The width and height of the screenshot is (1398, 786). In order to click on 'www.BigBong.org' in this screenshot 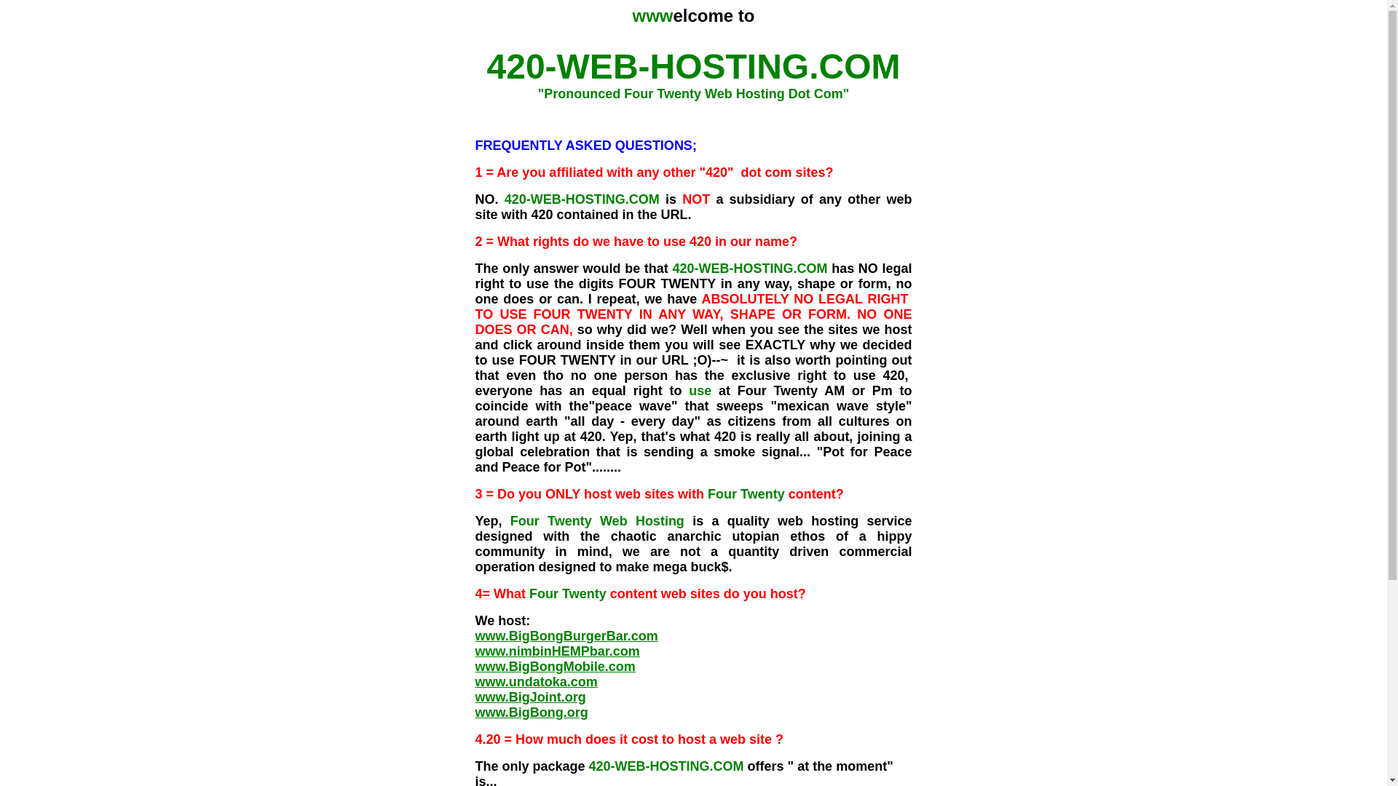, I will do `click(530, 712)`.